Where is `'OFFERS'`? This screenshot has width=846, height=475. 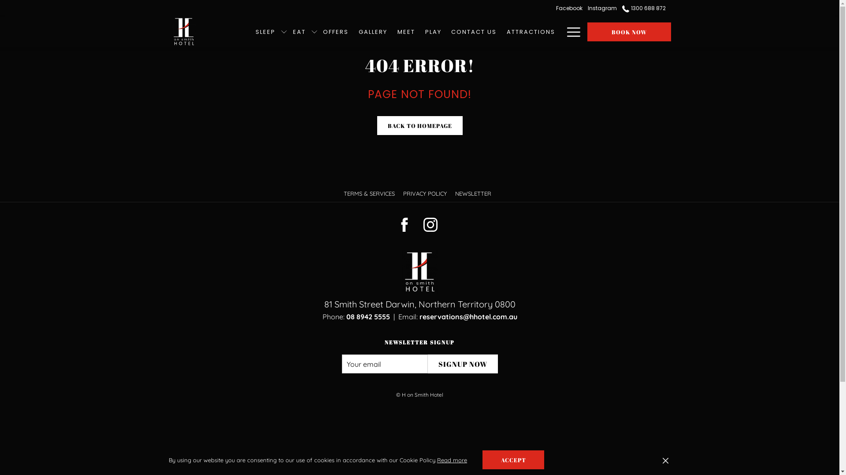
'OFFERS' is located at coordinates (339, 31).